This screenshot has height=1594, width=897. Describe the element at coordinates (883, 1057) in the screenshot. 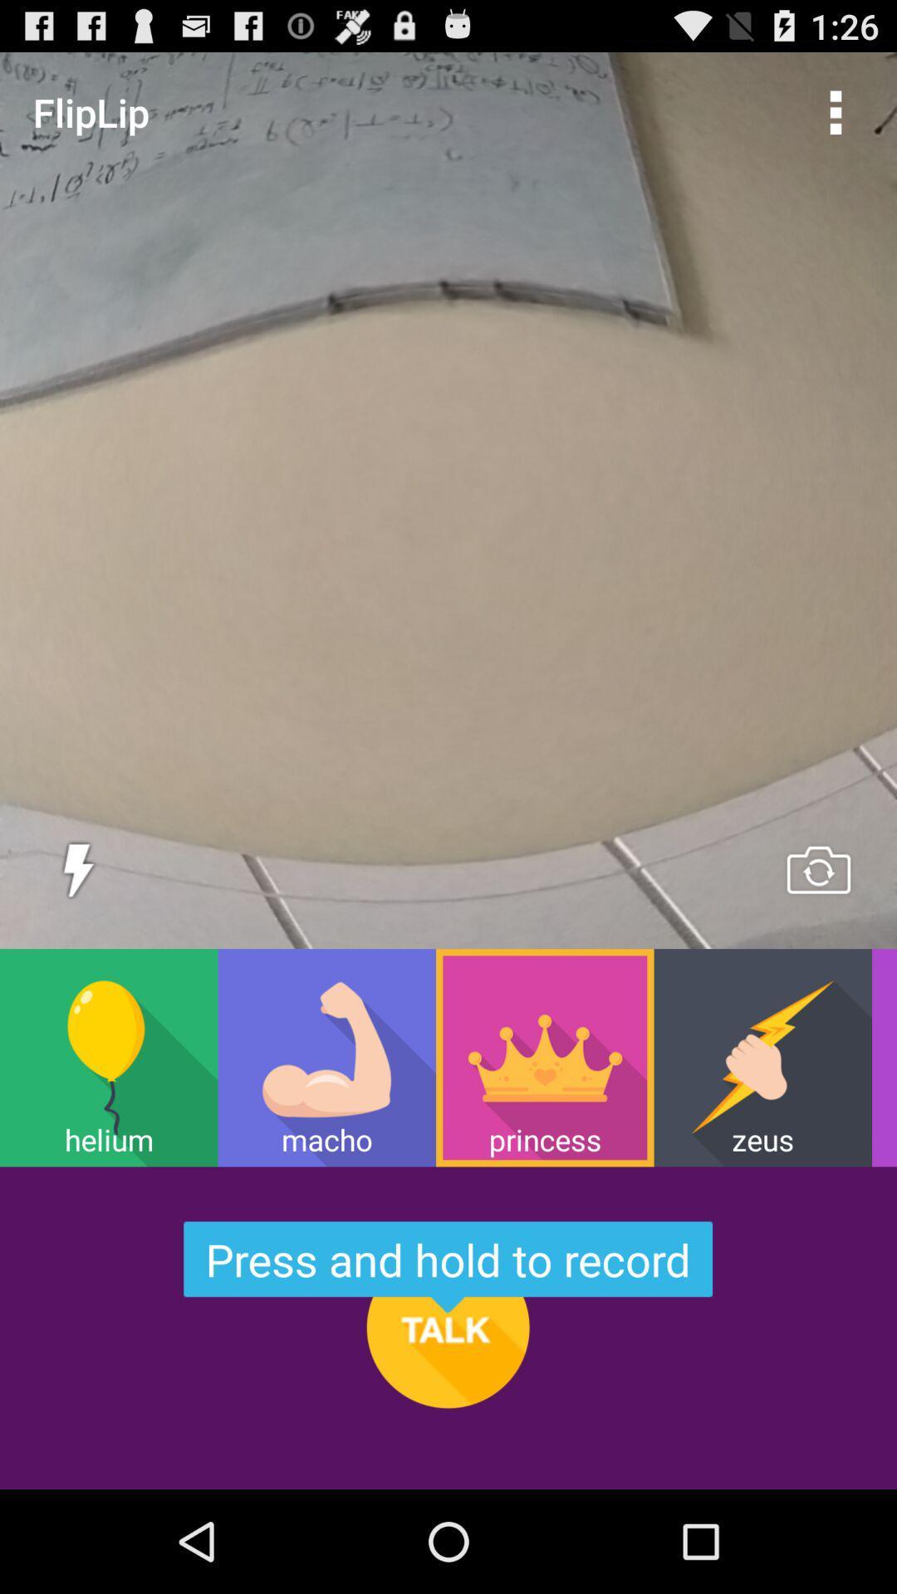

I see `wacko item` at that location.